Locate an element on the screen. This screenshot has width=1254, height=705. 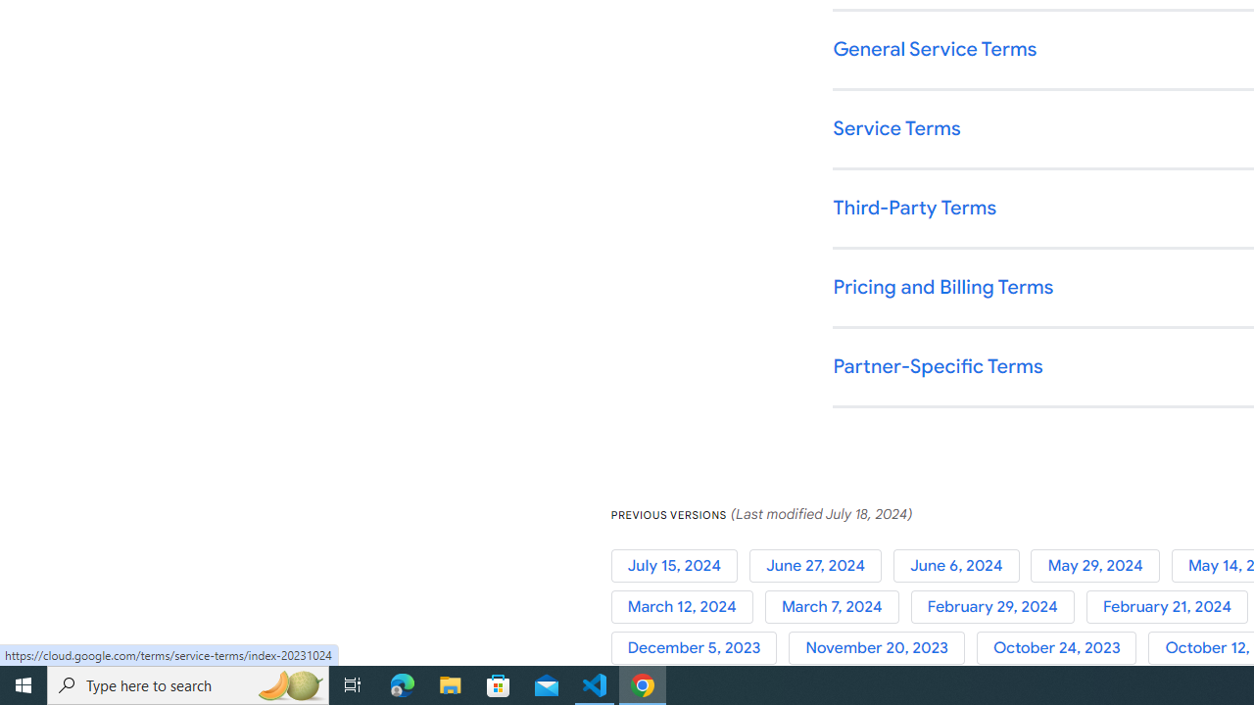
'February 29, 2024' is located at coordinates (997, 606).